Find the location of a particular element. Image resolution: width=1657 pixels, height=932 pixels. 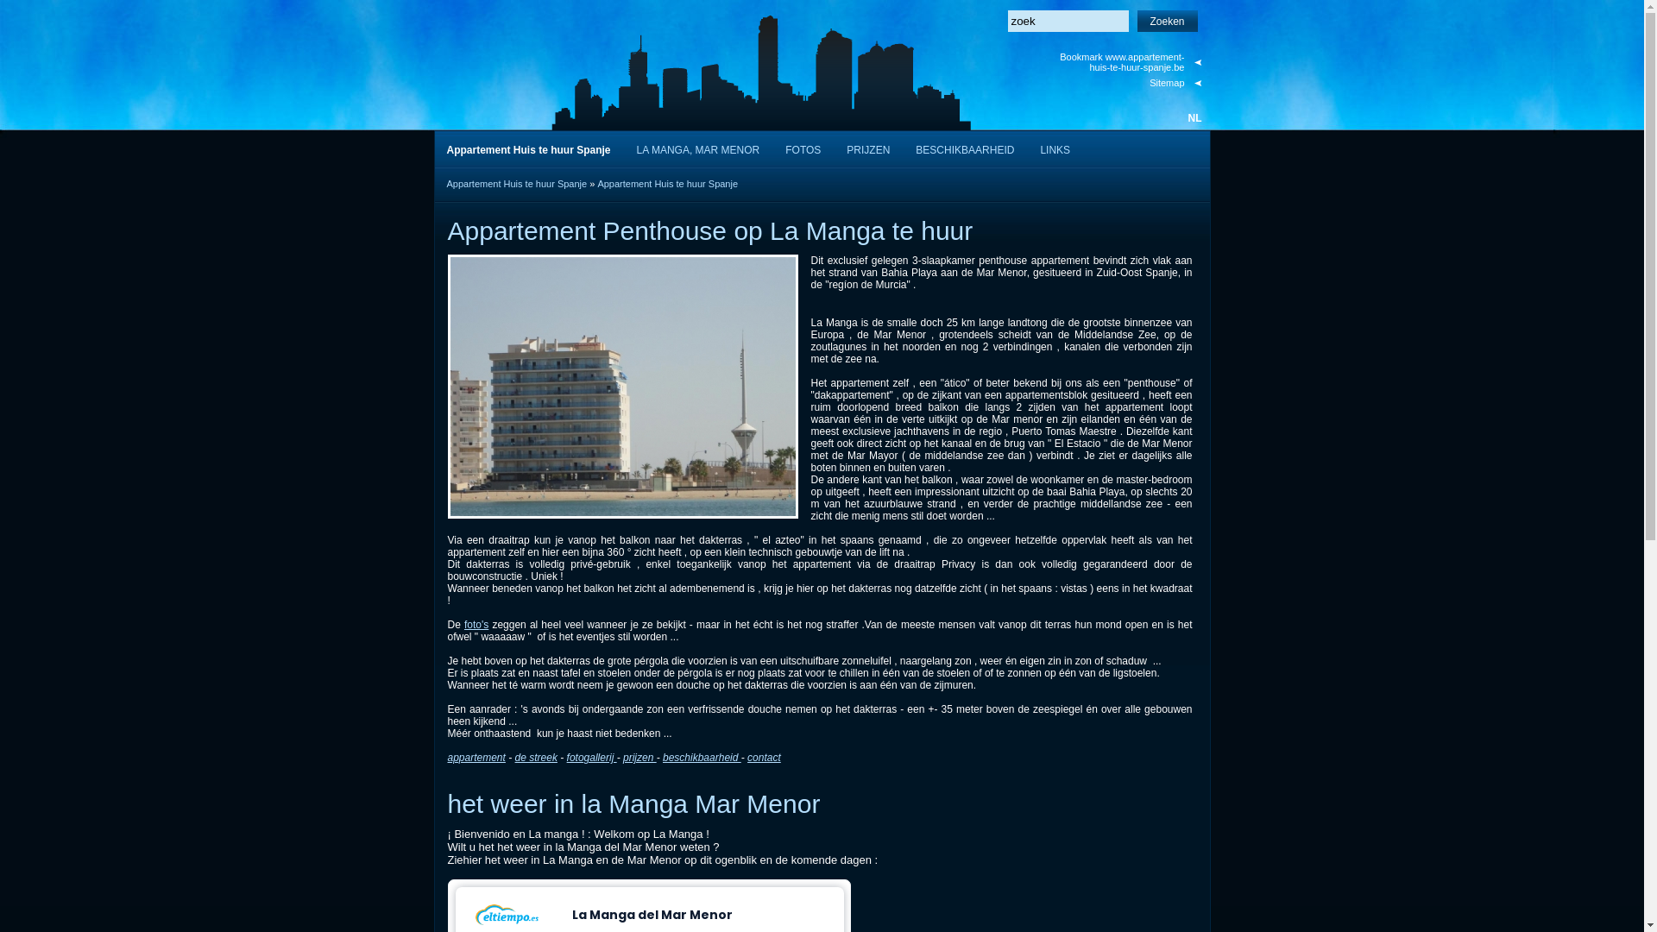

'NL' is located at coordinates (1193, 117).